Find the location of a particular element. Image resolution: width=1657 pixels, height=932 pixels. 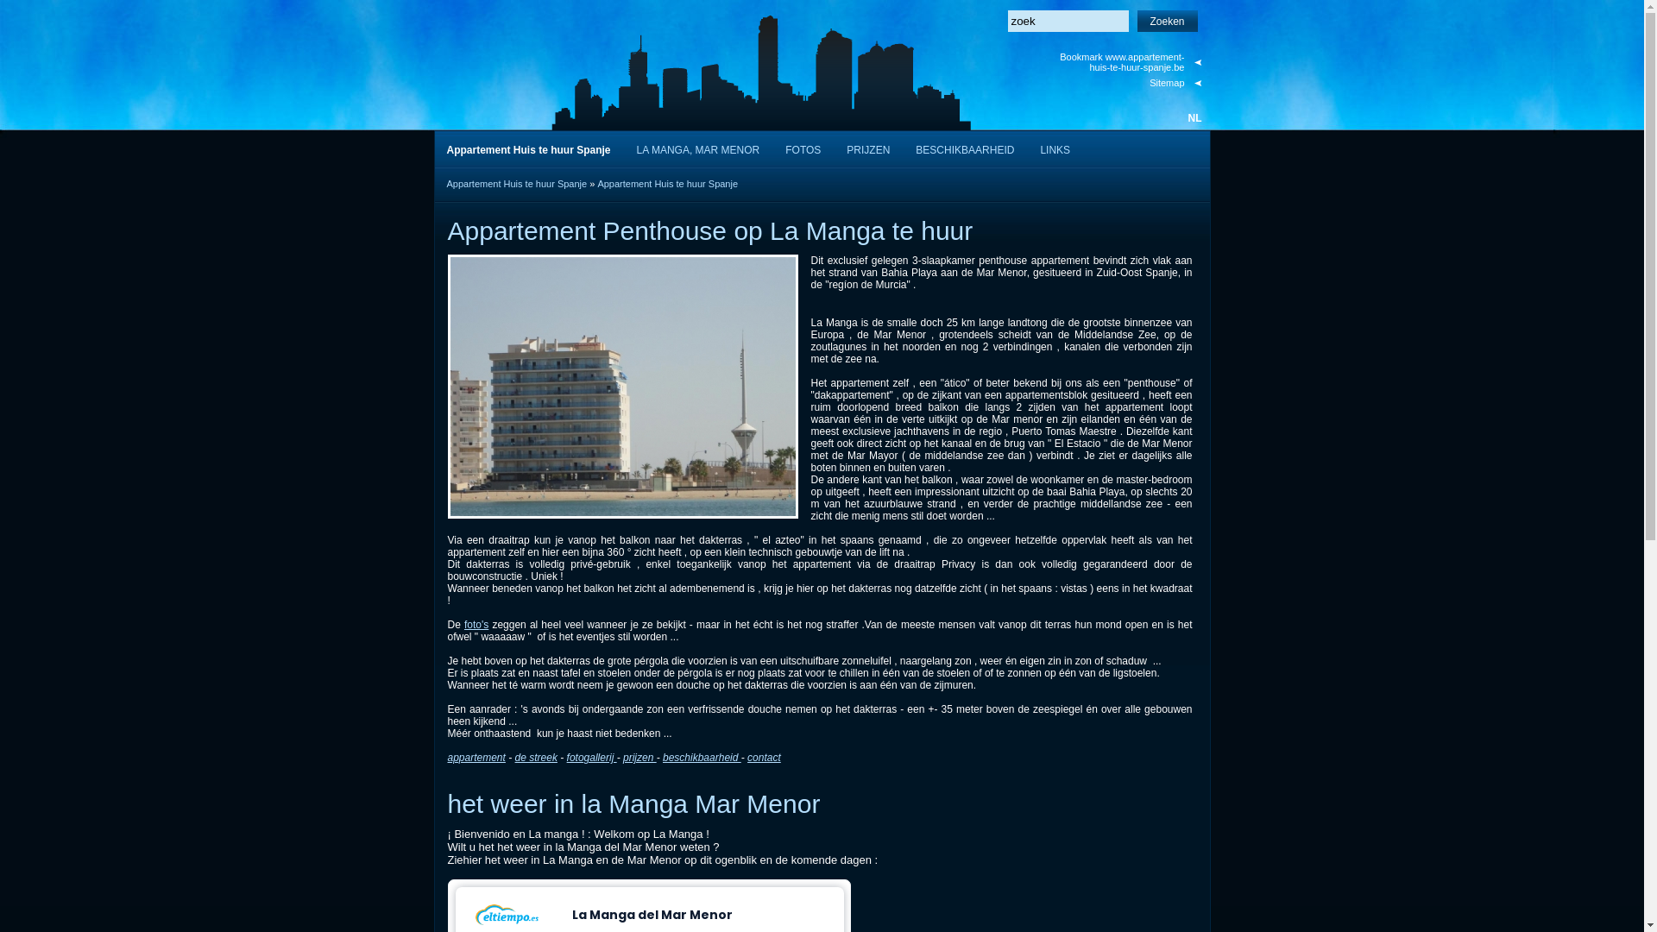

'NL' is located at coordinates (1193, 117).